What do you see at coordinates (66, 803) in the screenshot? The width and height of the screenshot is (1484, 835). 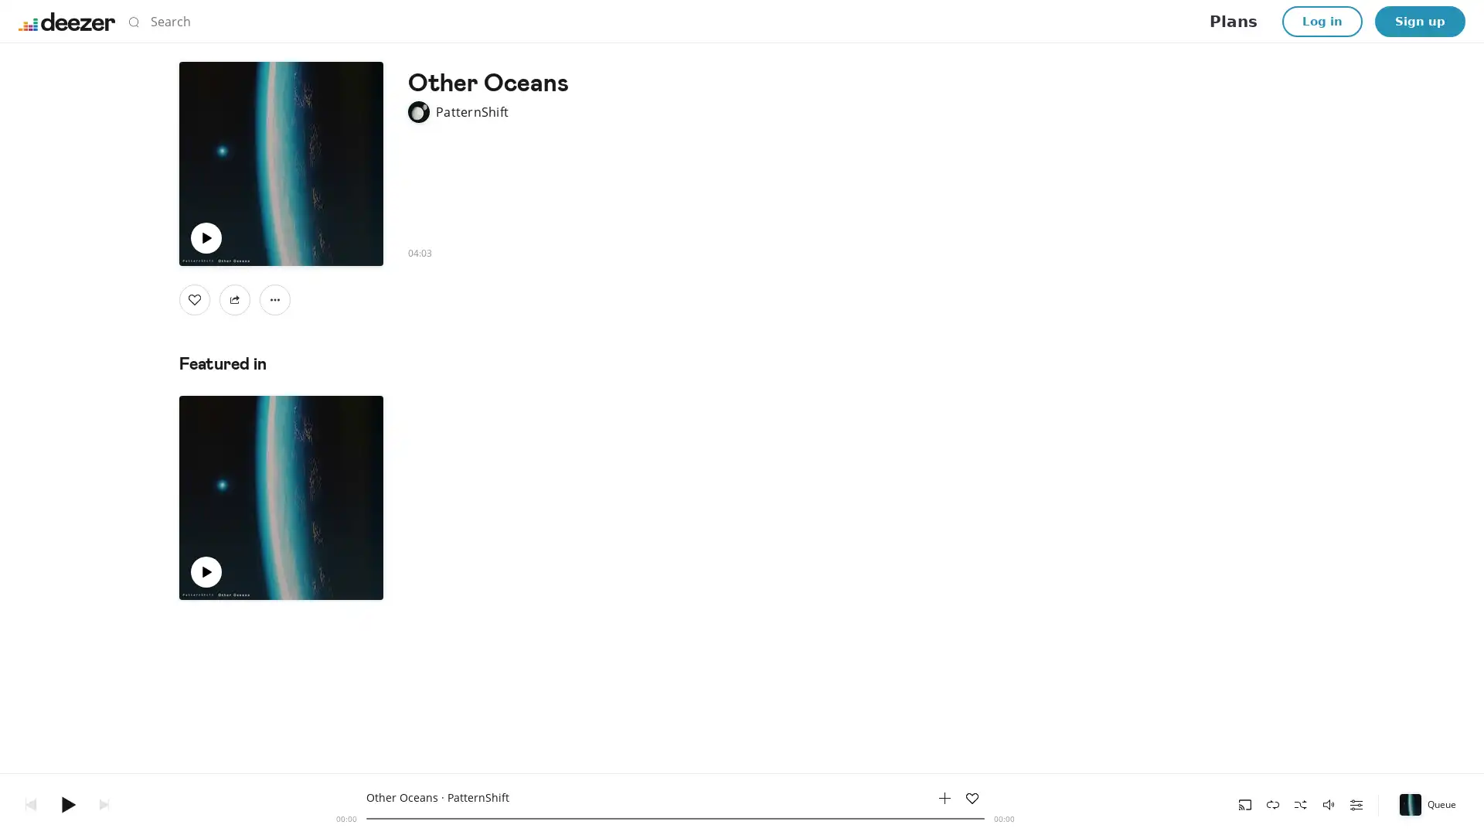 I see `Play` at bounding box center [66, 803].